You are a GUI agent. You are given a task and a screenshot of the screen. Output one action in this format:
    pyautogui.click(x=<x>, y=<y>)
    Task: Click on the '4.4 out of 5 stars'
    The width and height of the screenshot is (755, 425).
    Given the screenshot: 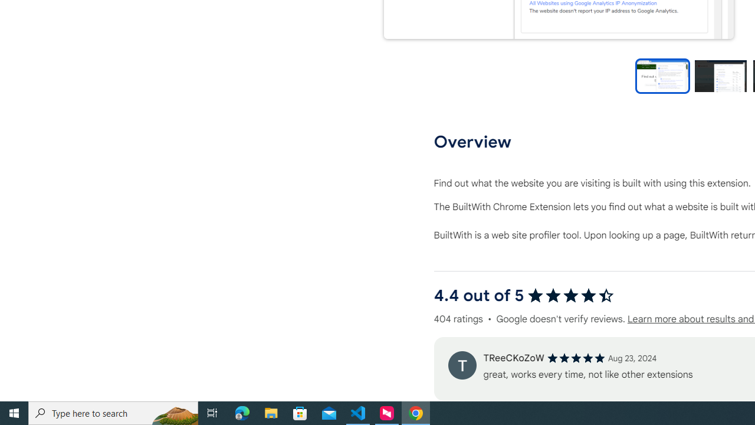 What is the action you would take?
    pyautogui.click(x=570, y=295)
    